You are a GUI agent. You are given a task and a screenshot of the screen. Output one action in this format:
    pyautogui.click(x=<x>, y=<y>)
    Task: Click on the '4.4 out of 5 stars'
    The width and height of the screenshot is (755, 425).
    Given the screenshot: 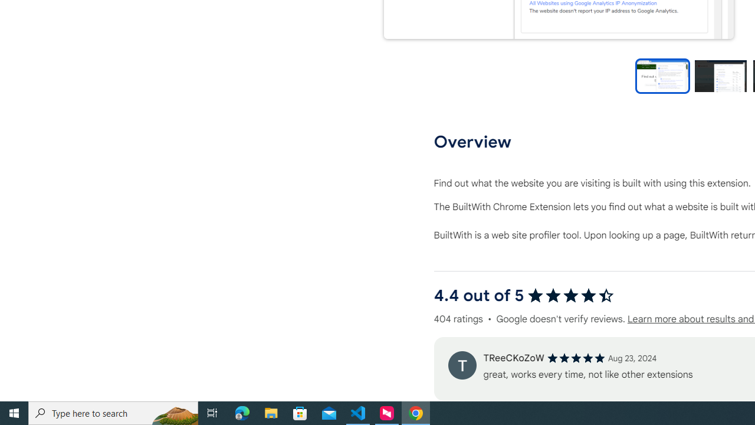 What is the action you would take?
    pyautogui.click(x=570, y=295)
    